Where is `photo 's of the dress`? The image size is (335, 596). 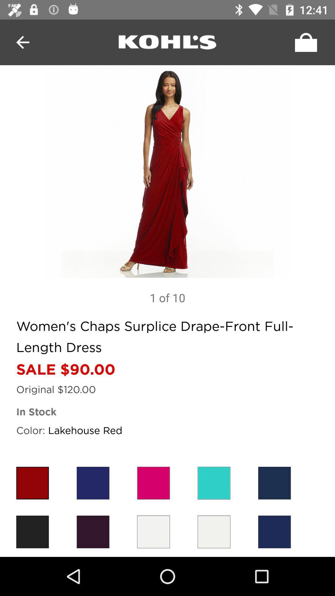
photo 's of the dress is located at coordinates (167, 171).